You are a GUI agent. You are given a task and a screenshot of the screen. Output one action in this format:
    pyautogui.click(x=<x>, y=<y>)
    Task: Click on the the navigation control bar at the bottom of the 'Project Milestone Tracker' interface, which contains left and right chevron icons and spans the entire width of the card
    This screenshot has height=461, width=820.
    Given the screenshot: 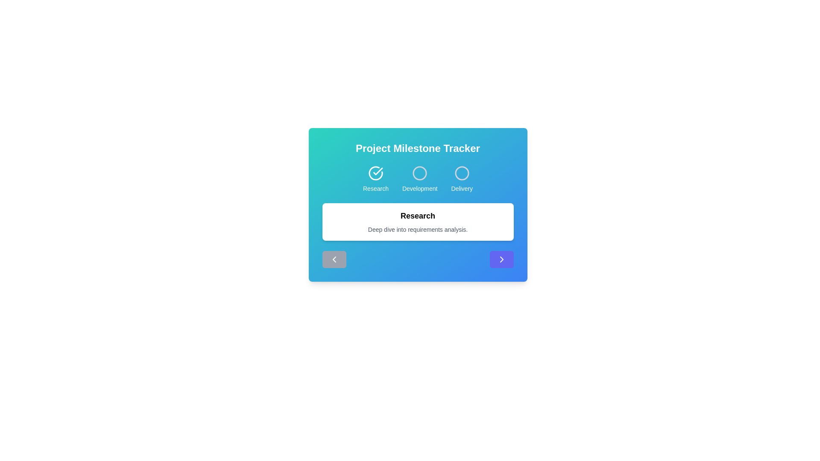 What is the action you would take?
    pyautogui.click(x=418, y=259)
    